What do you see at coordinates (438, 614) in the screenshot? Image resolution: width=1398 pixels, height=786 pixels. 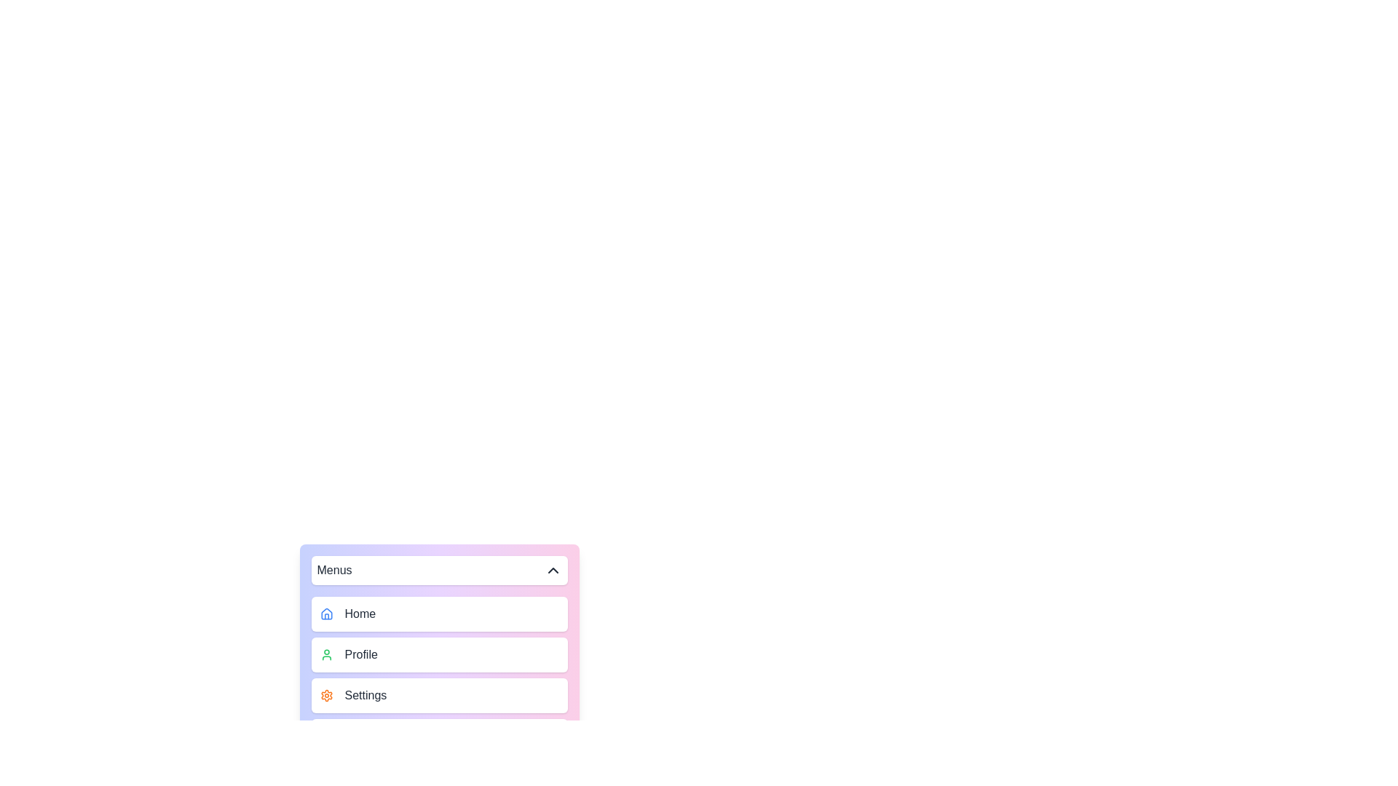 I see `the menu item labeled Home` at bounding box center [438, 614].